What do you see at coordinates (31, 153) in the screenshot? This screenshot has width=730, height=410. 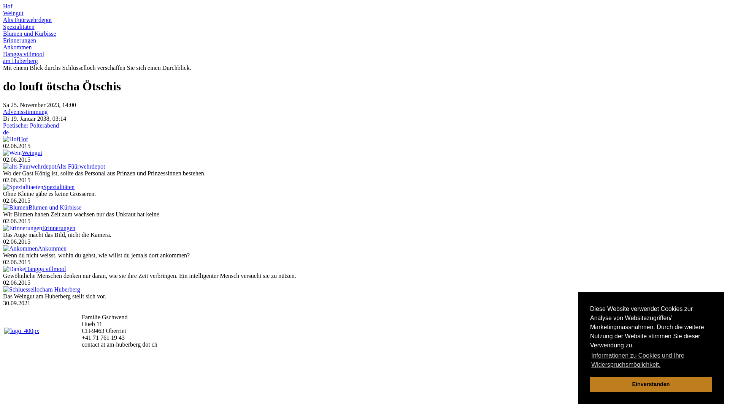 I see `'Weingut'` at bounding box center [31, 153].